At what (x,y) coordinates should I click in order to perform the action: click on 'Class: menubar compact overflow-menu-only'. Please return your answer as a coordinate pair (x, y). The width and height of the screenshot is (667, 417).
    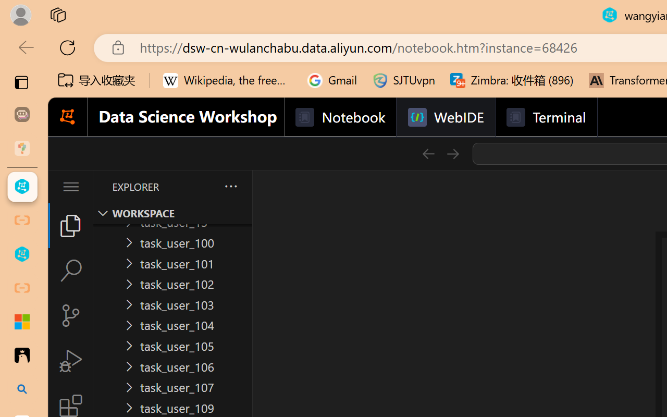
    Looking at the image, I should click on (70, 187).